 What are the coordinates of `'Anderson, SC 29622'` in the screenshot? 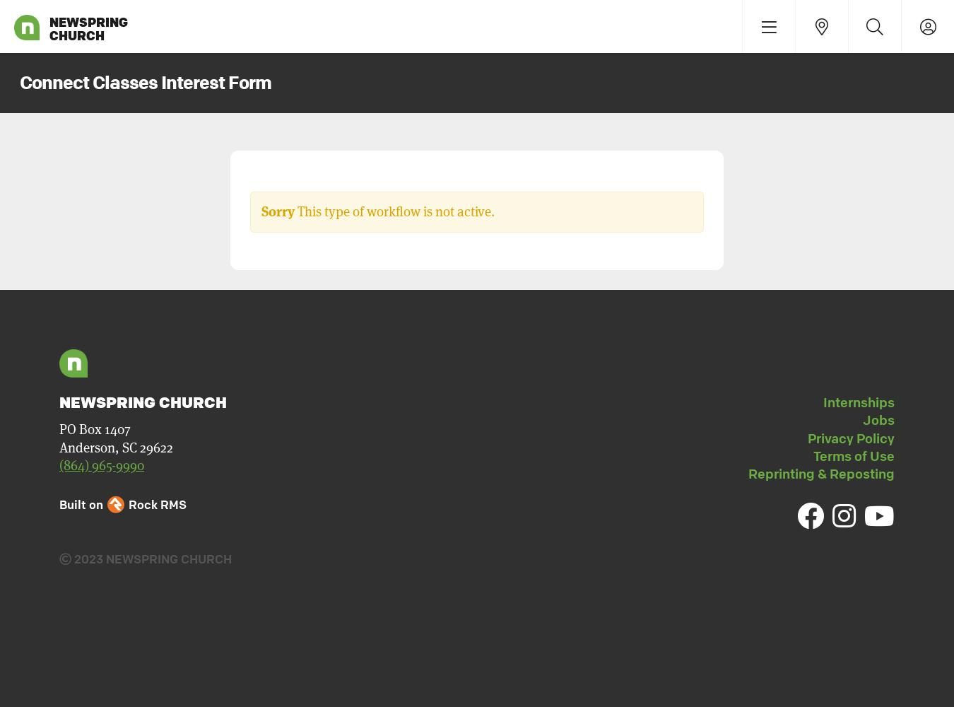 It's located at (116, 447).